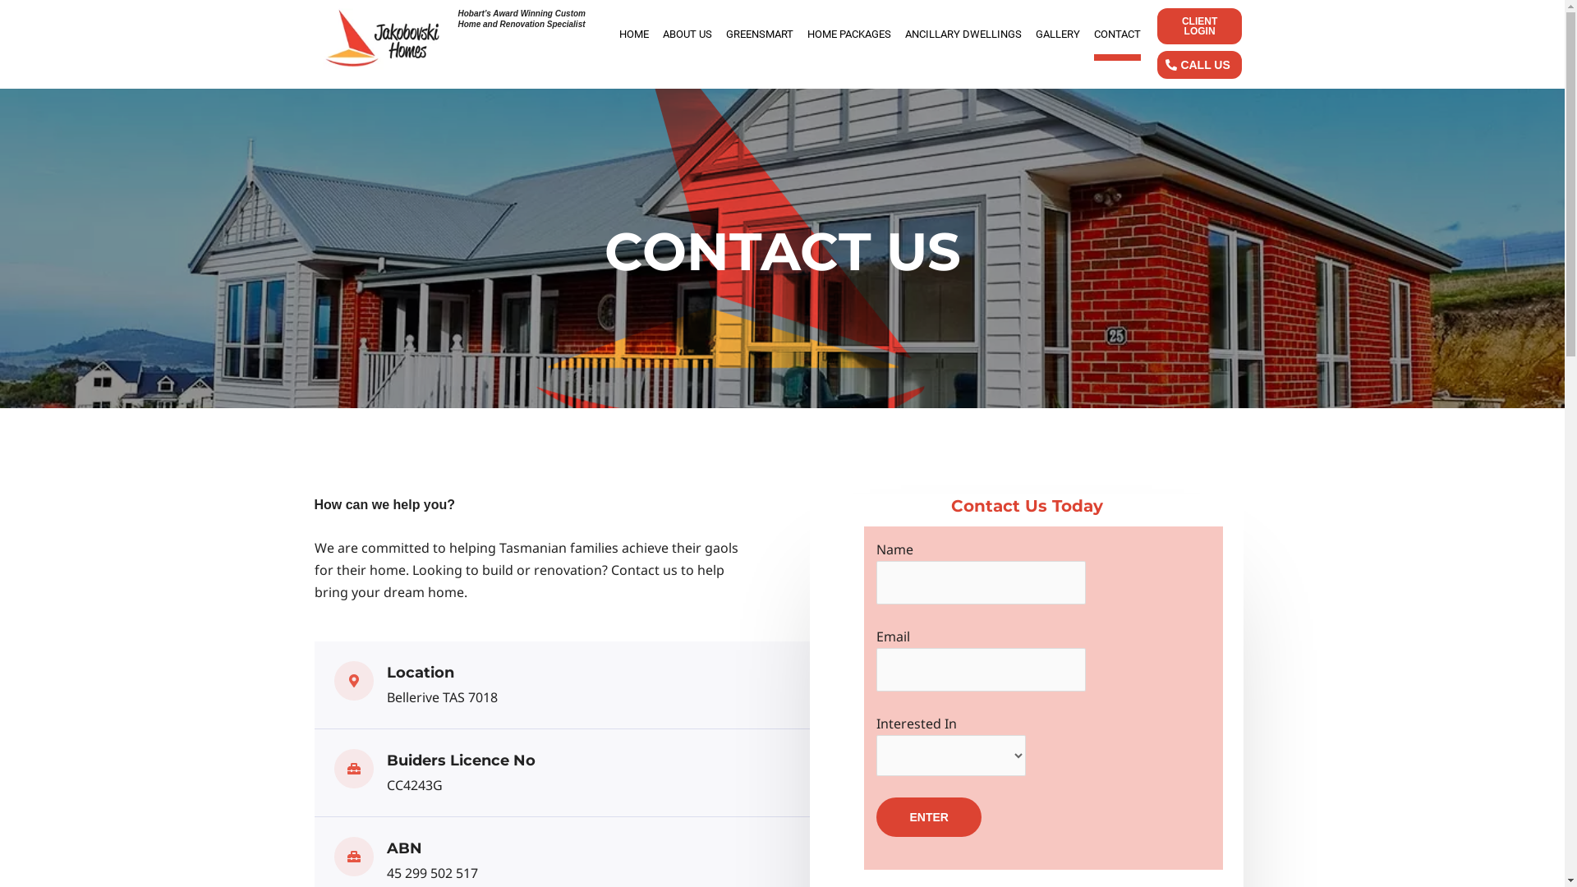 The width and height of the screenshot is (1577, 887). Describe the element at coordinates (1117, 34) in the screenshot. I see `'CONTACT'` at that location.